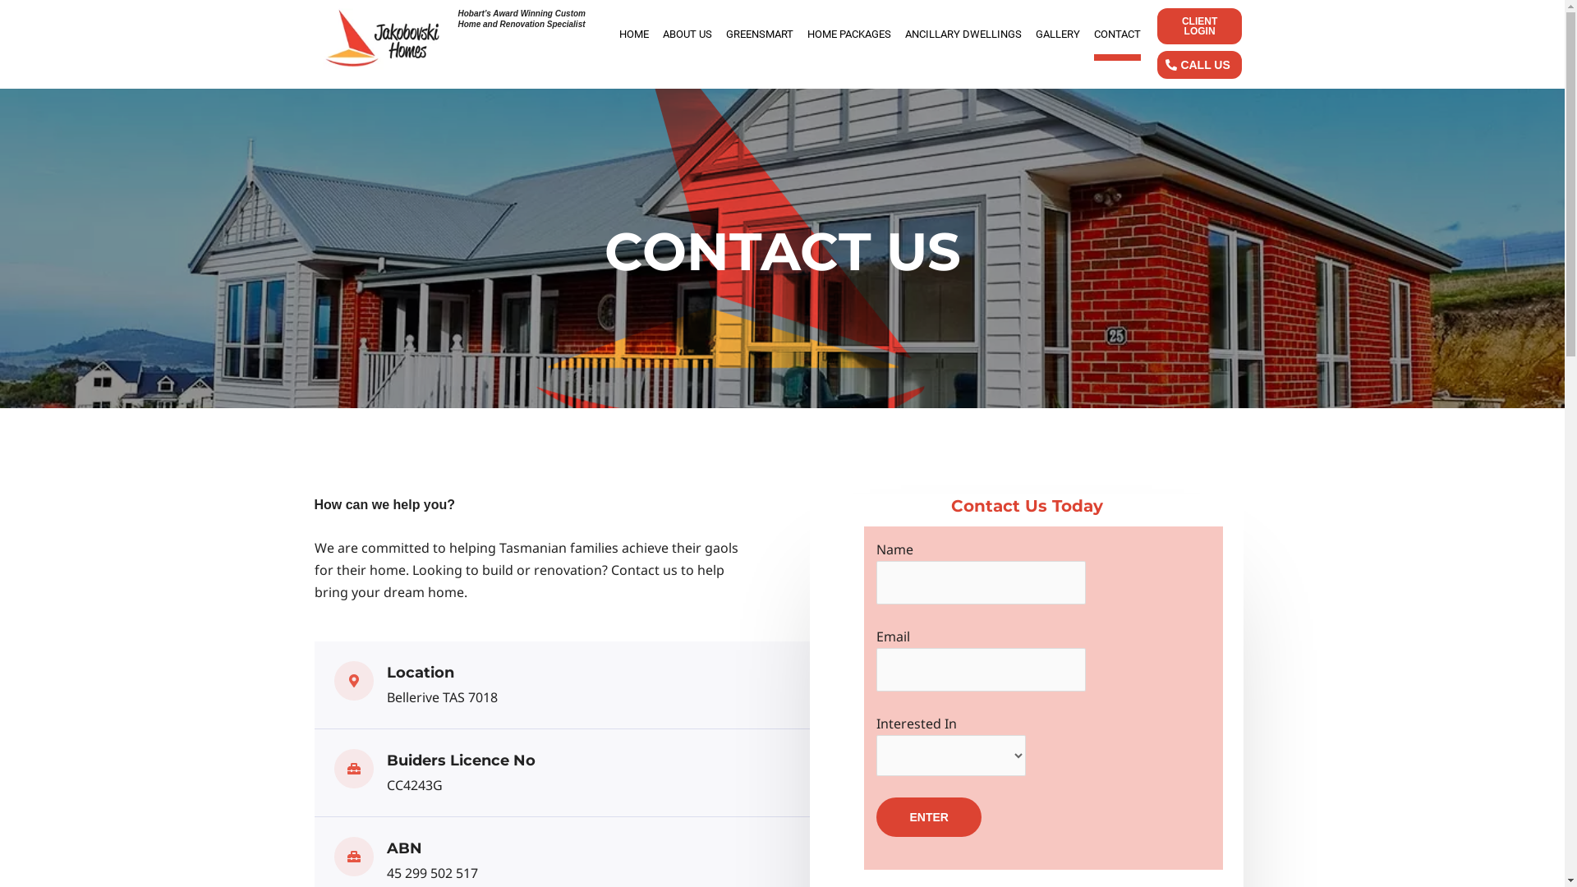 The width and height of the screenshot is (1577, 887). Describe the element at coordinates (1117, 34) in the screenshot. I see `'CONTACT'` at that location.